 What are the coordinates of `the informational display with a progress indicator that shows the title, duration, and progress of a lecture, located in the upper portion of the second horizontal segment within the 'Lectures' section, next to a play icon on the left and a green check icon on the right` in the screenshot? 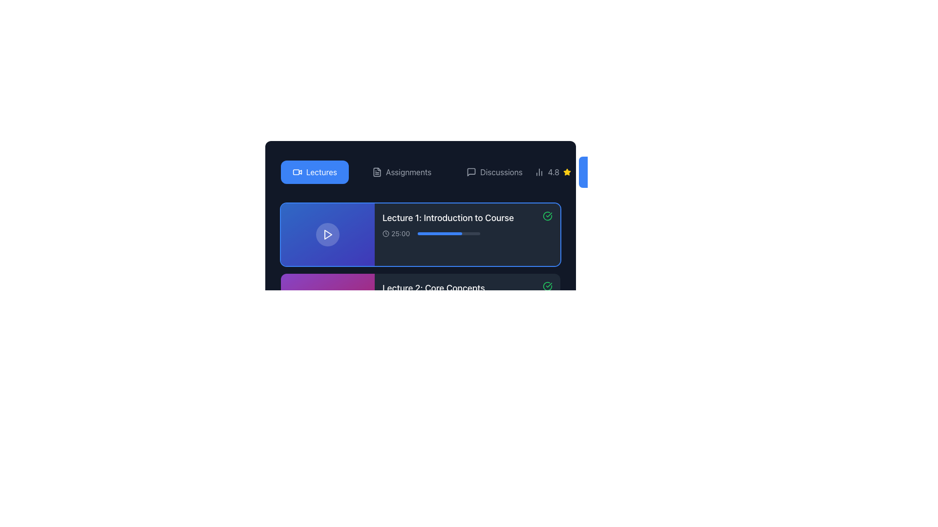 It's located at (448, 225).